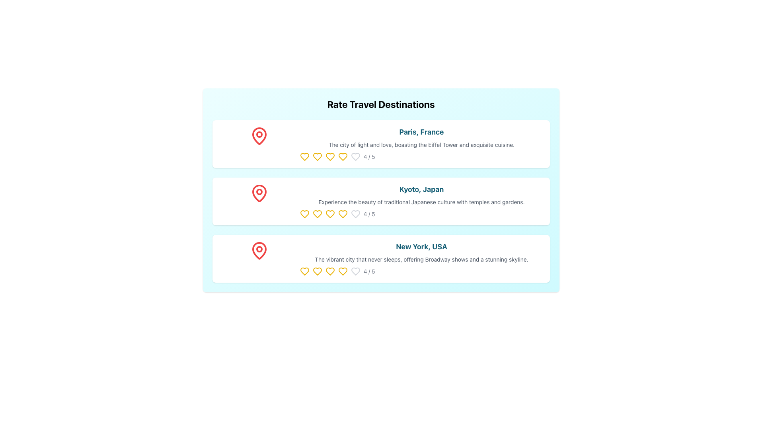 This screenshot has height=430, width=764. I want to click on the informational text label that provides context about 'Paris, France', located between the text and the rating component, so click(421, 145).